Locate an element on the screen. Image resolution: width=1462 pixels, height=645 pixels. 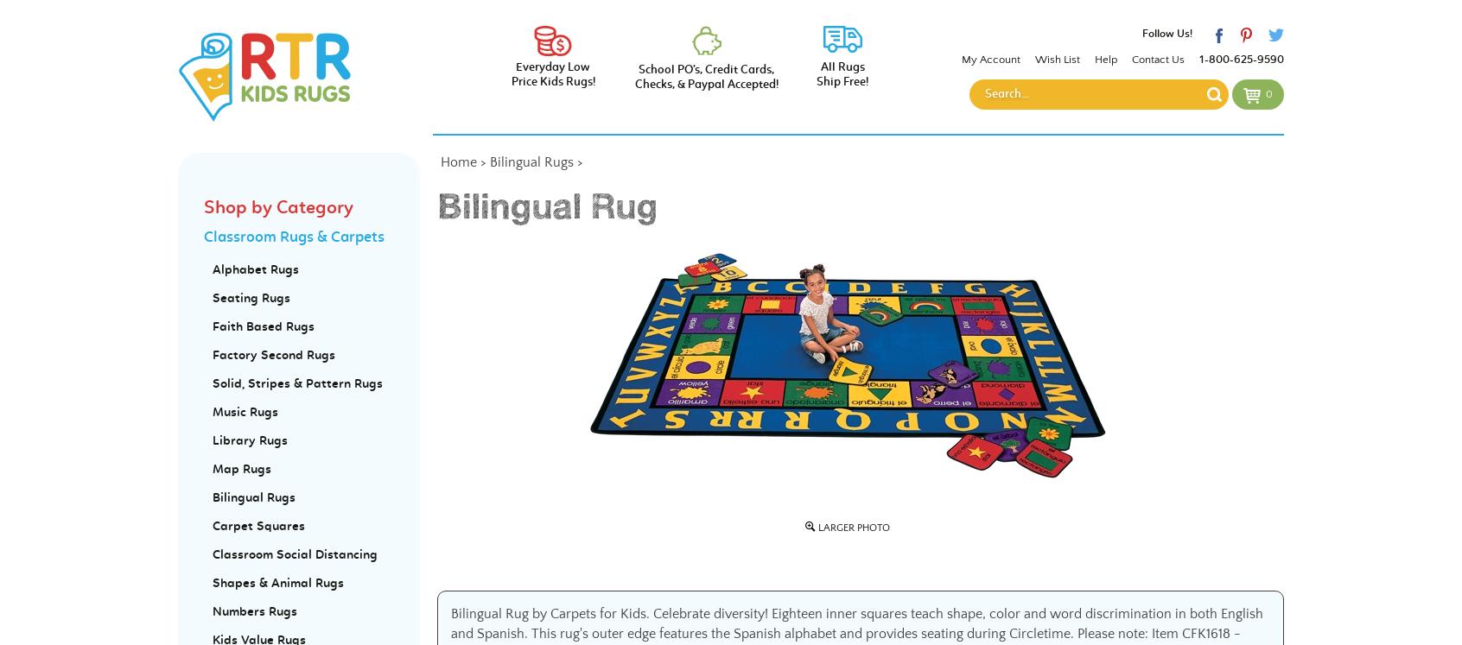
'Classroom Social Distancing' is located at coordinates (294, 553).